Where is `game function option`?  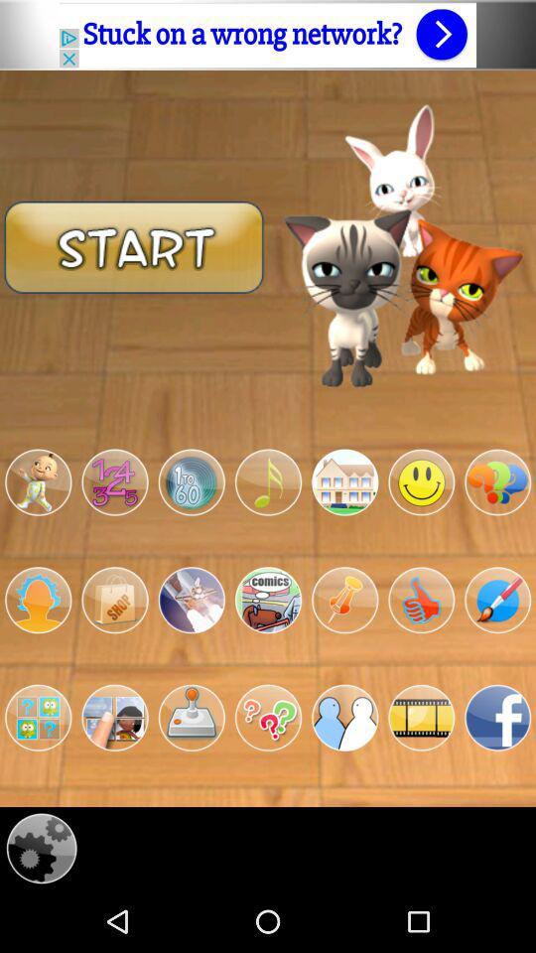
game function option is located at coordinates (114, 717).